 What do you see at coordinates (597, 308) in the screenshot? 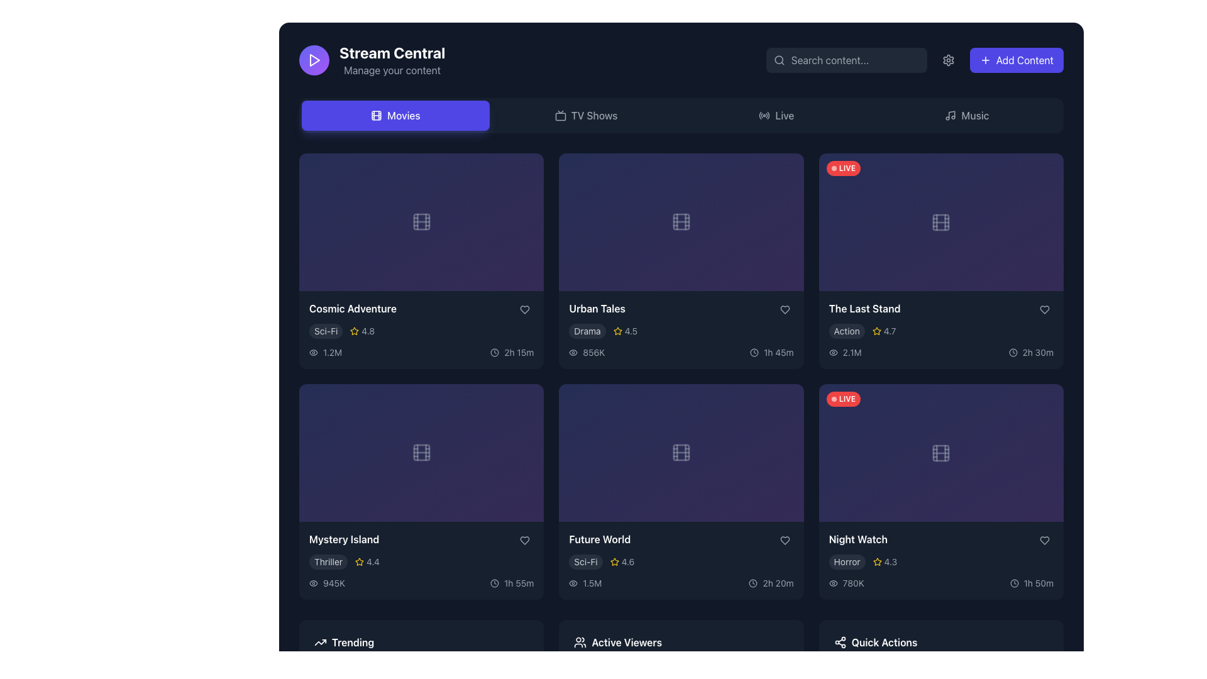
I see `the 'Urban Tales' text label, which is displayed in bold white font within a dark-themed interface, located in the top-middle section under a thumbnail image` at bounding box center [597, 308].